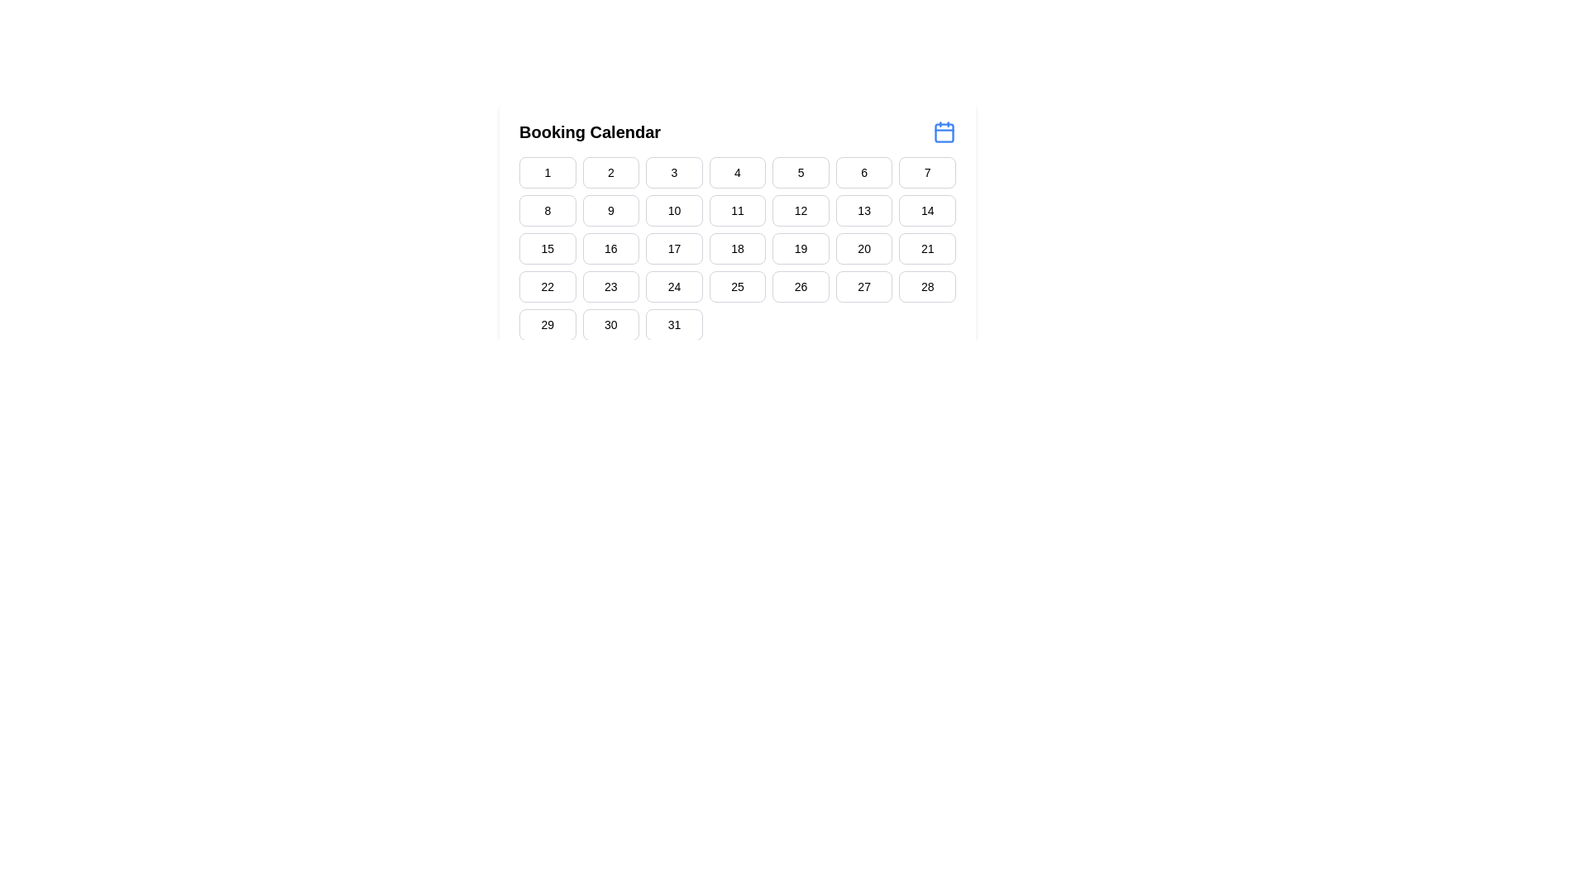  I want to click on the rectangular button with rounded corners and the number '13' centered in bold black font, so click(863, 209).